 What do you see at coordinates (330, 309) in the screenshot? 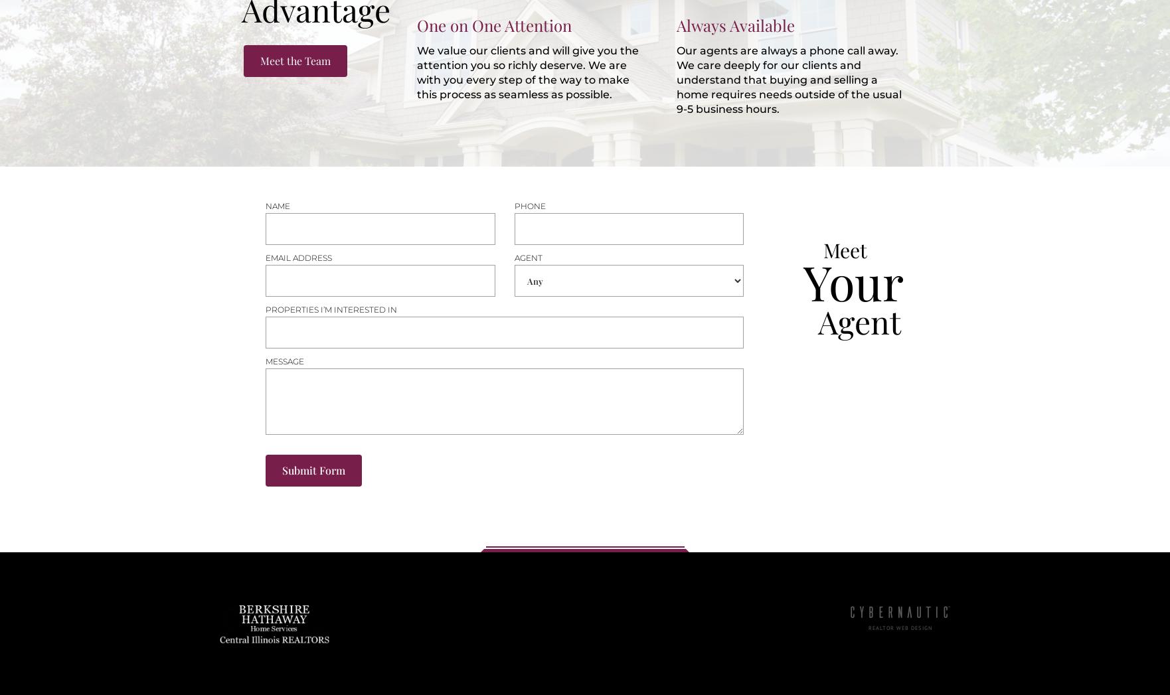
I see `'Properties i’m interested in'` at bounding box center [330, 309].